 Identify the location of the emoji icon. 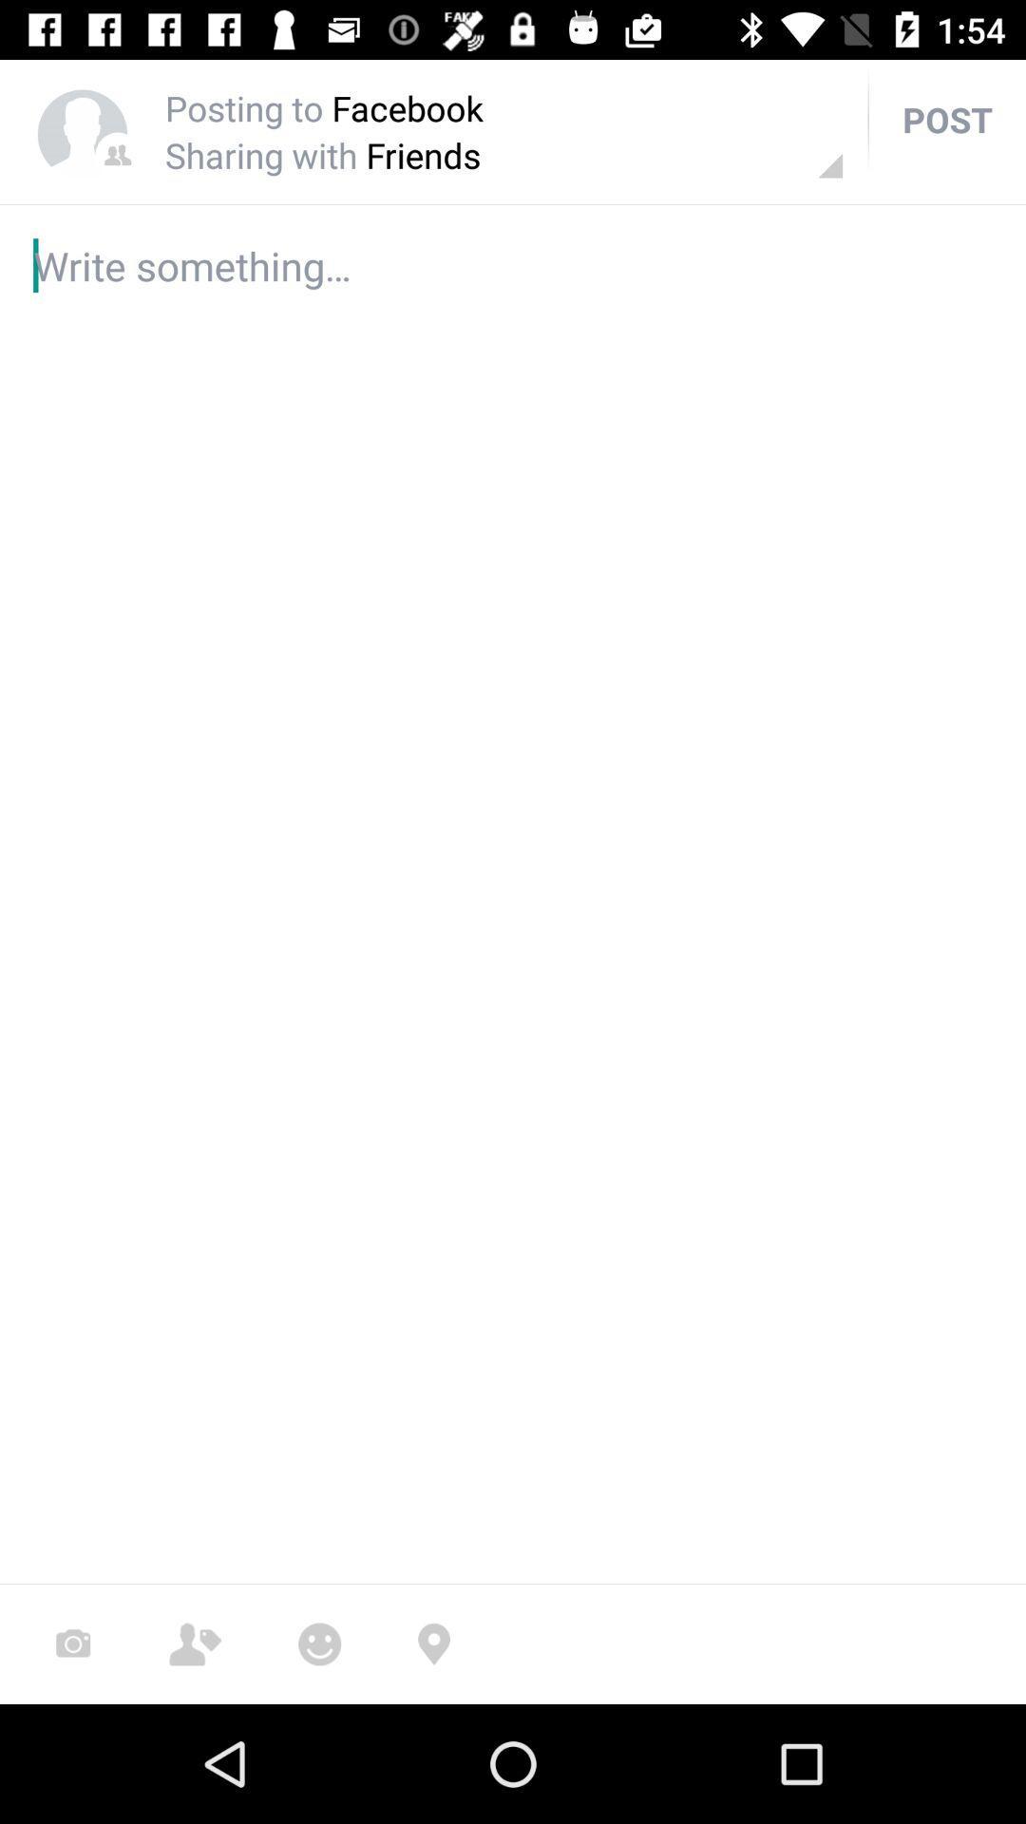
(318, 1643).